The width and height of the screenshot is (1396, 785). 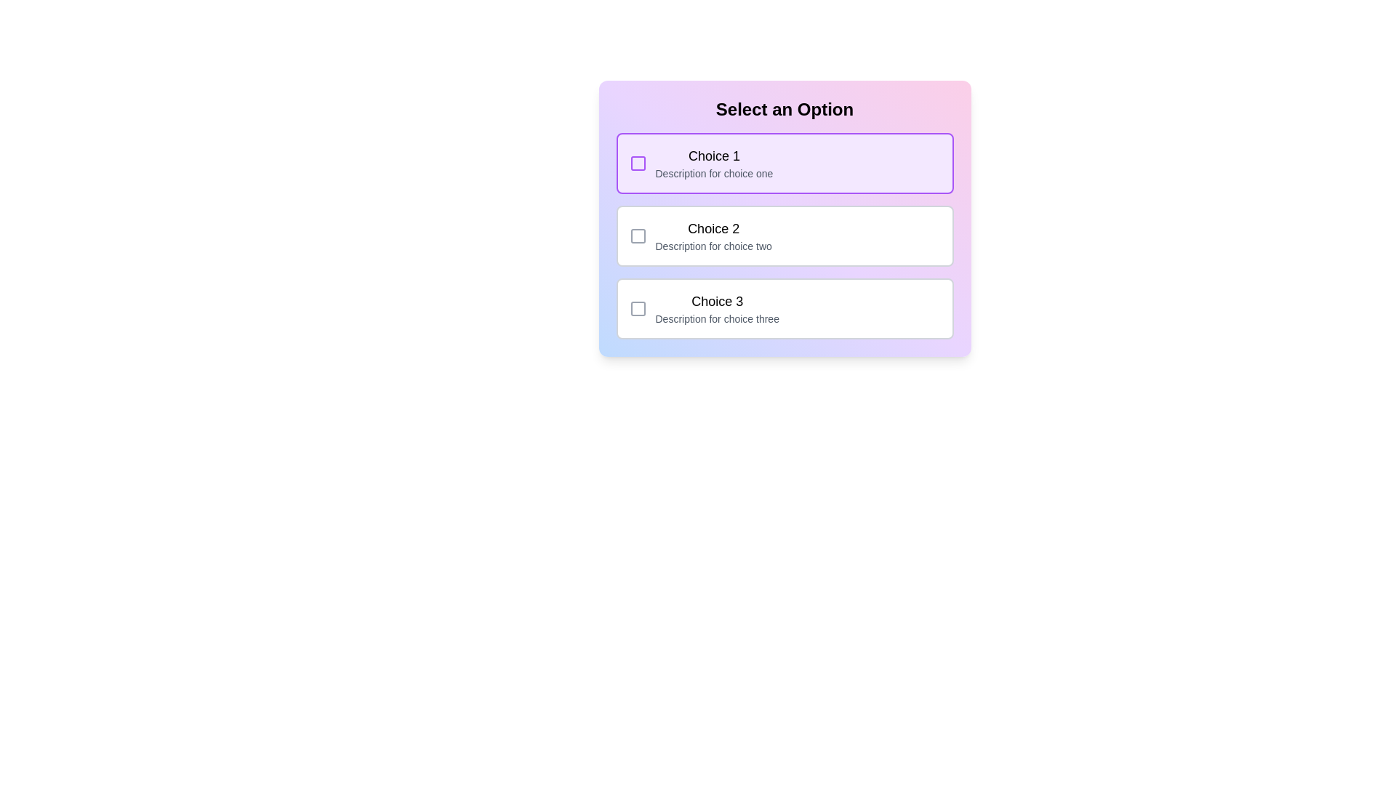 What do you see at coordinates (638, 235) in the screenshot?
I see `the checkbox for 'Choice 2'` at bounding box center [638, 235].